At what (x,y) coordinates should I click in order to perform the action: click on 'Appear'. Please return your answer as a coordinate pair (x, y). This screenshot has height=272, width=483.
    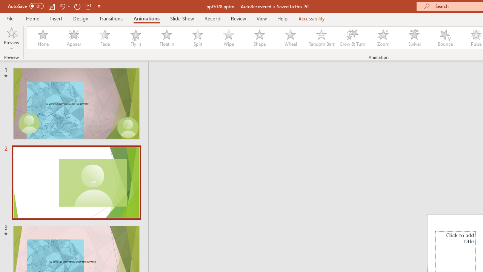
    Looking at the image, I should click on (74, 38).